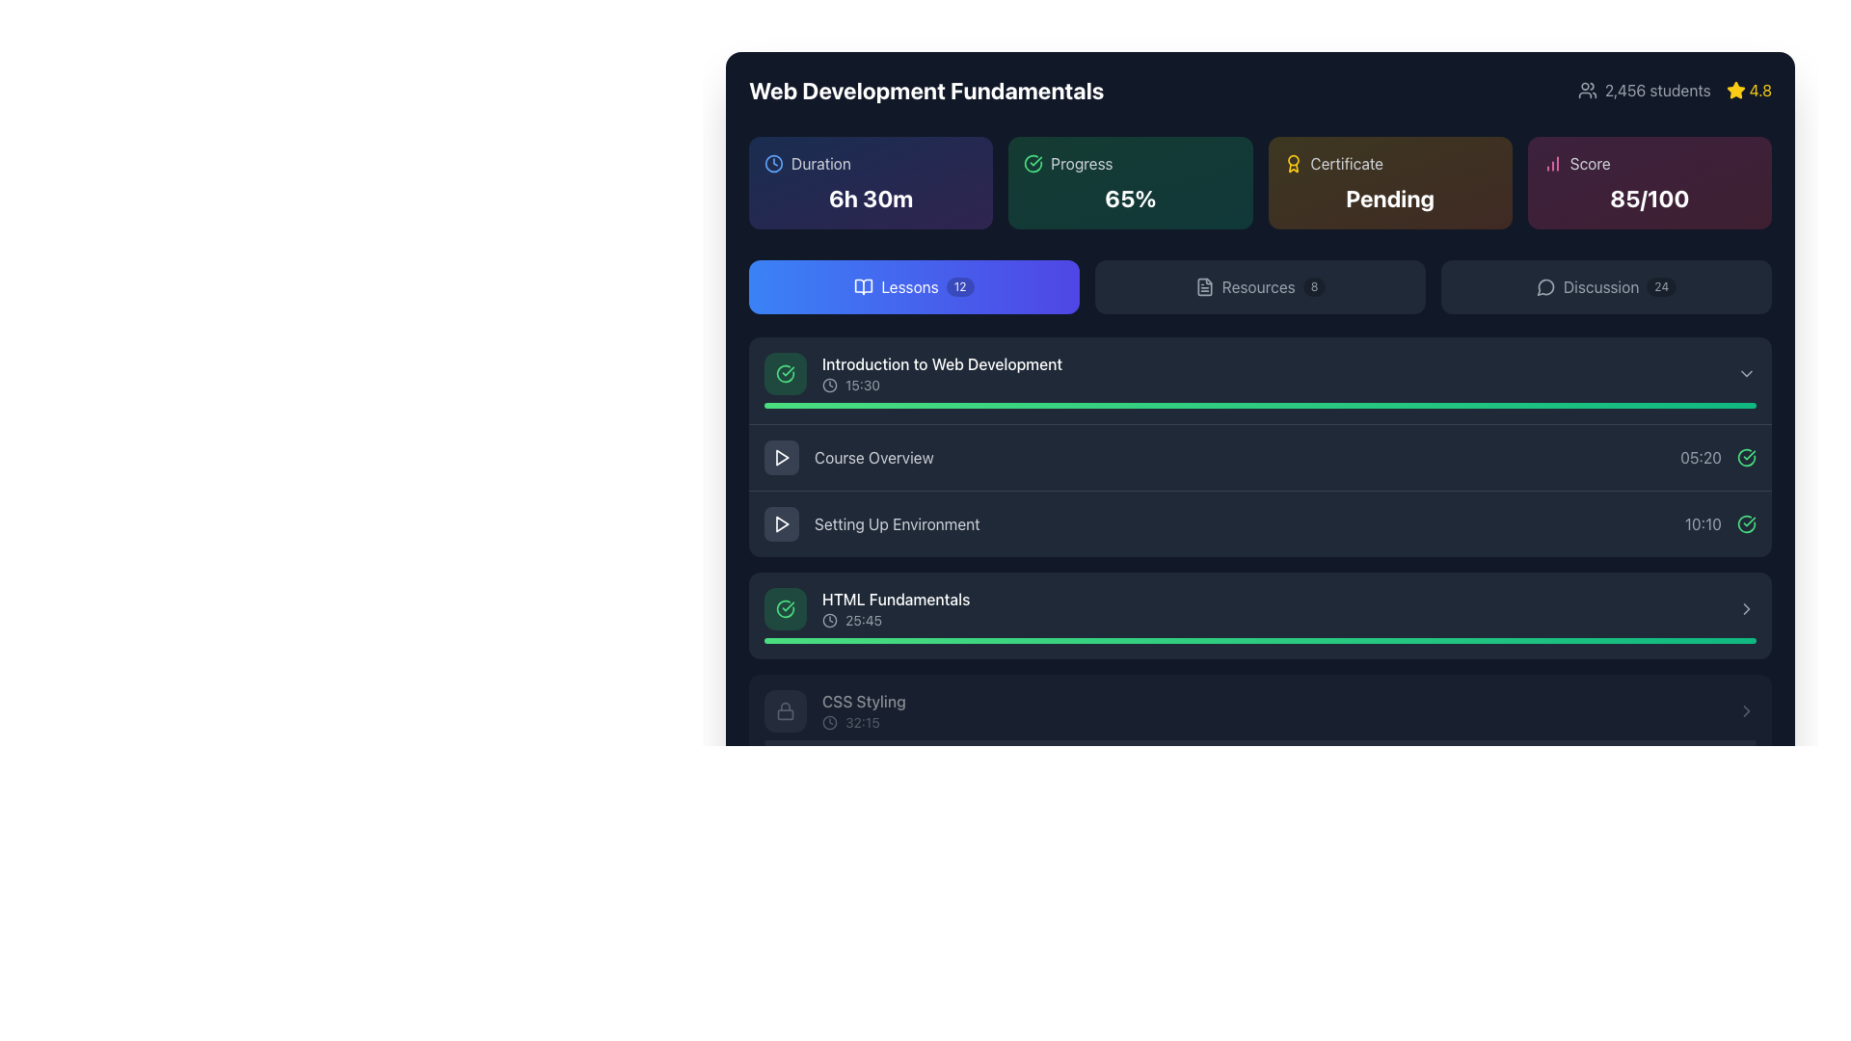 This screenshot has height=1041, width=1851. I want to click on the Progress Bar indicating the completion percentage of the lesson 'Introduction to Web Development', located at the bottom of its box just below the text line '15:30', so click(1260, 404).